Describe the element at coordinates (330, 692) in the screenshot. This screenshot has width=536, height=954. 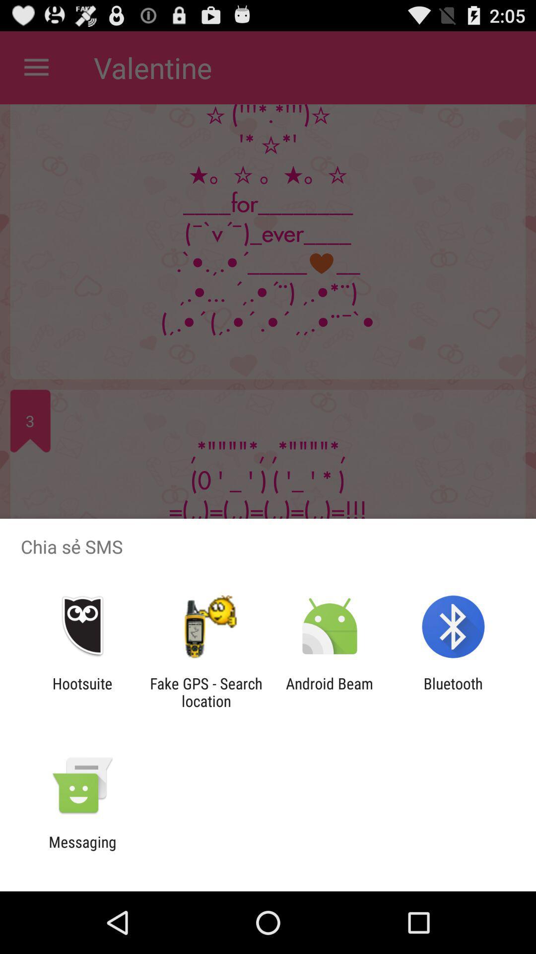
I see `app next to fake gps search icon` at that location.